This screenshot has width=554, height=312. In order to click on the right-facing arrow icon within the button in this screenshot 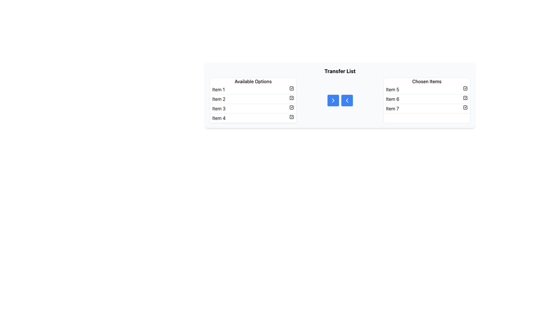, I will do `click(333, 100)`.